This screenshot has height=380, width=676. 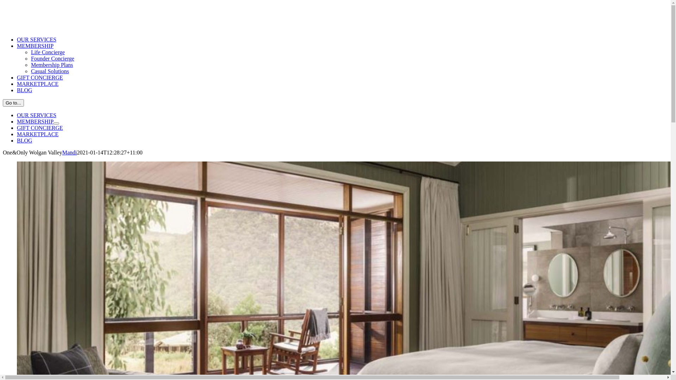 What do you see at coordinates (52, 58) in the screenshot?
I see `'Founder Concierge'` at bounding box center [52, 58].